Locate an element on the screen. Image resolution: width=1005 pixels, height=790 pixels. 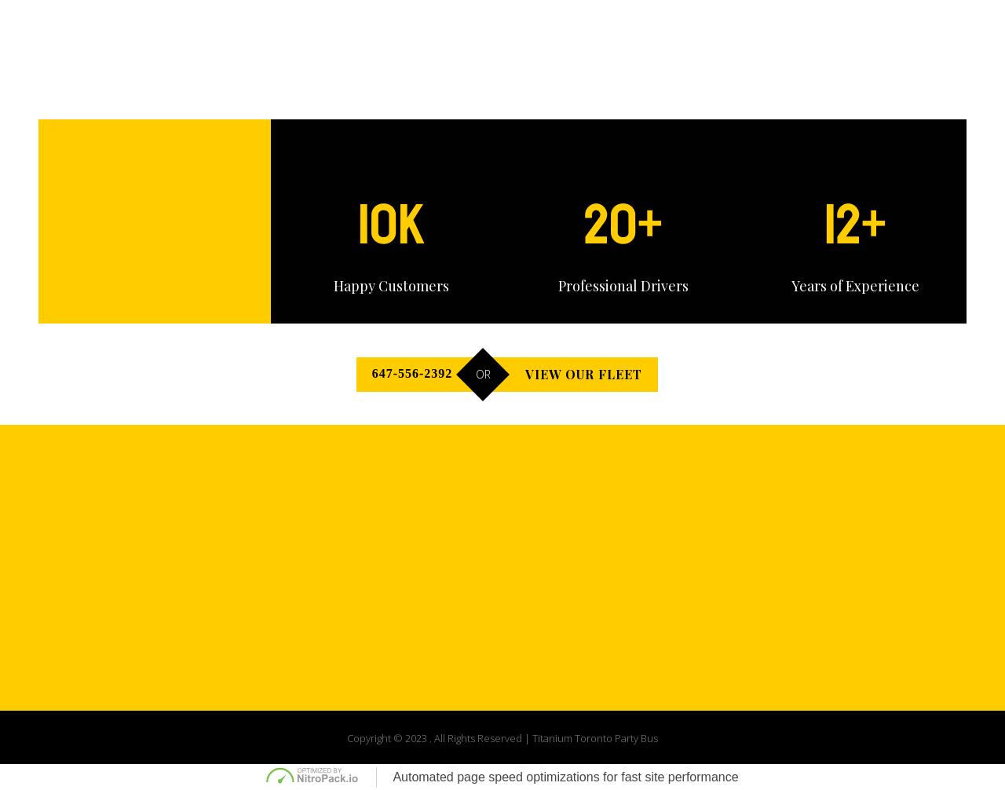
'Copyright © 2023 . All Rights Reserved | Titanium Toronto Party Bus' is located at coordinates (345, 737).